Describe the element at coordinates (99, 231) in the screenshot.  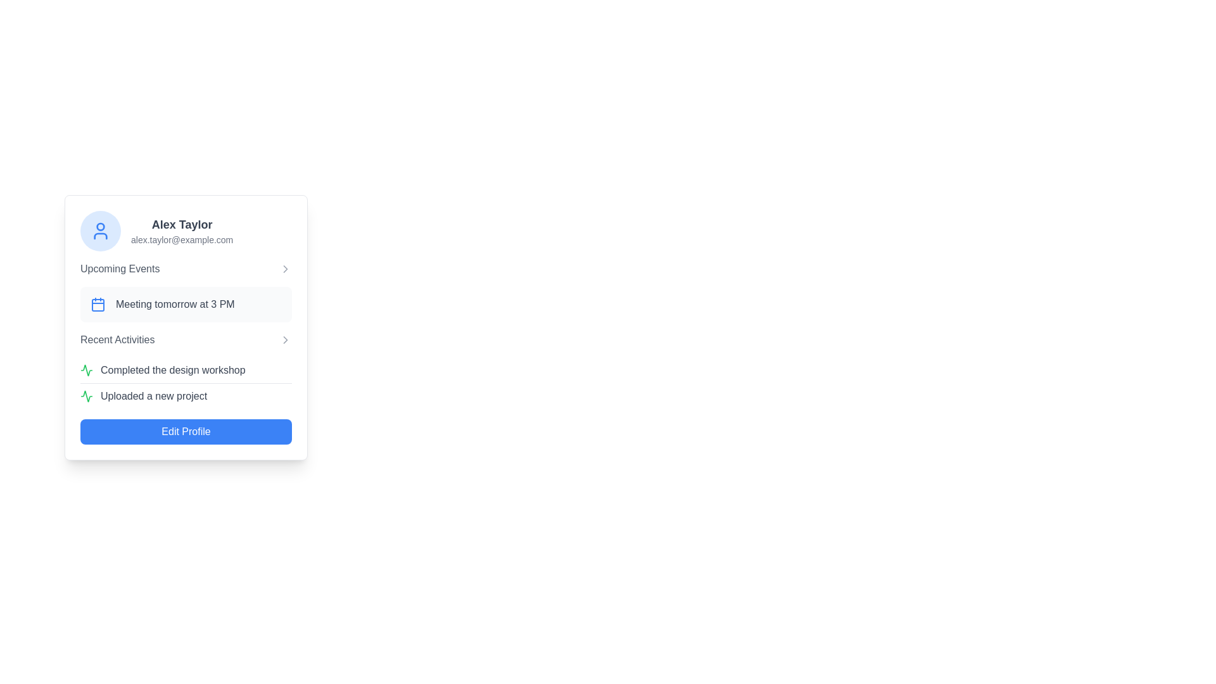
I see `the profile picture placeholder icon for user 'Alex Taylor' located in the top-left corner of the user details card` at that location.